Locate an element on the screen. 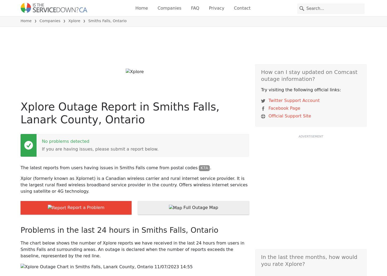 This screenshot has height=276, width=387. 'Xplore Issues Reports' is located at coordinates (60, 62).